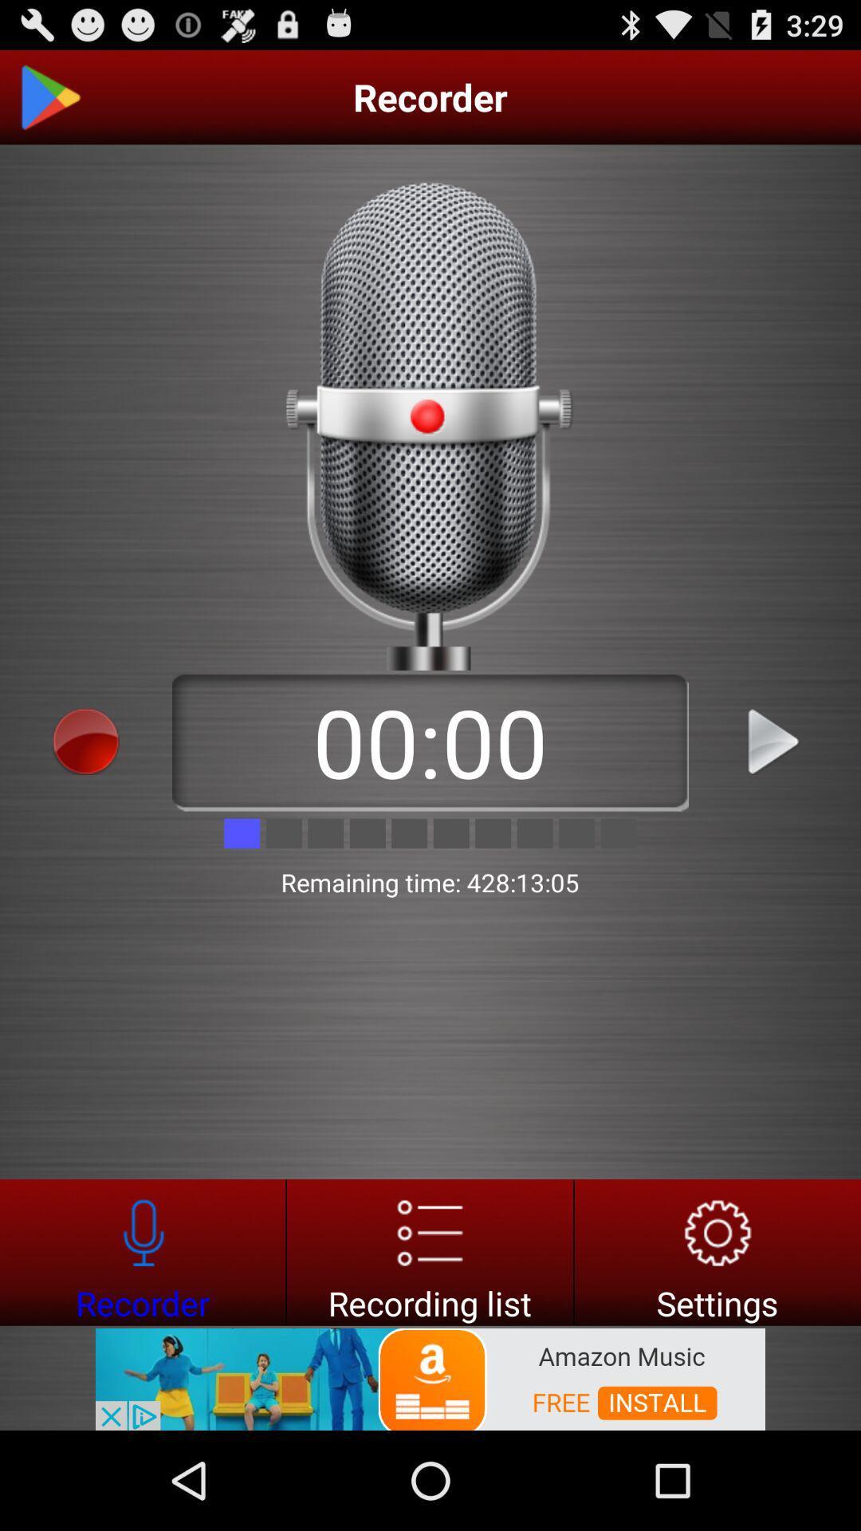 The width and height of the screenshot is (861, 1531). I want to click on the avatar icon, so click(86, 793).